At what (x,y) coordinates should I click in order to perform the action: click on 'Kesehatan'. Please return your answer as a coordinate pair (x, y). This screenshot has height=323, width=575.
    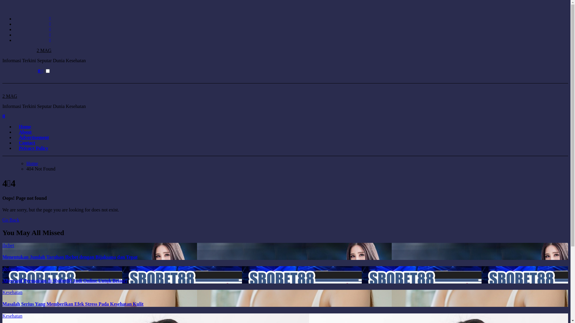
    Looking at the image, I should click on (12, 292).